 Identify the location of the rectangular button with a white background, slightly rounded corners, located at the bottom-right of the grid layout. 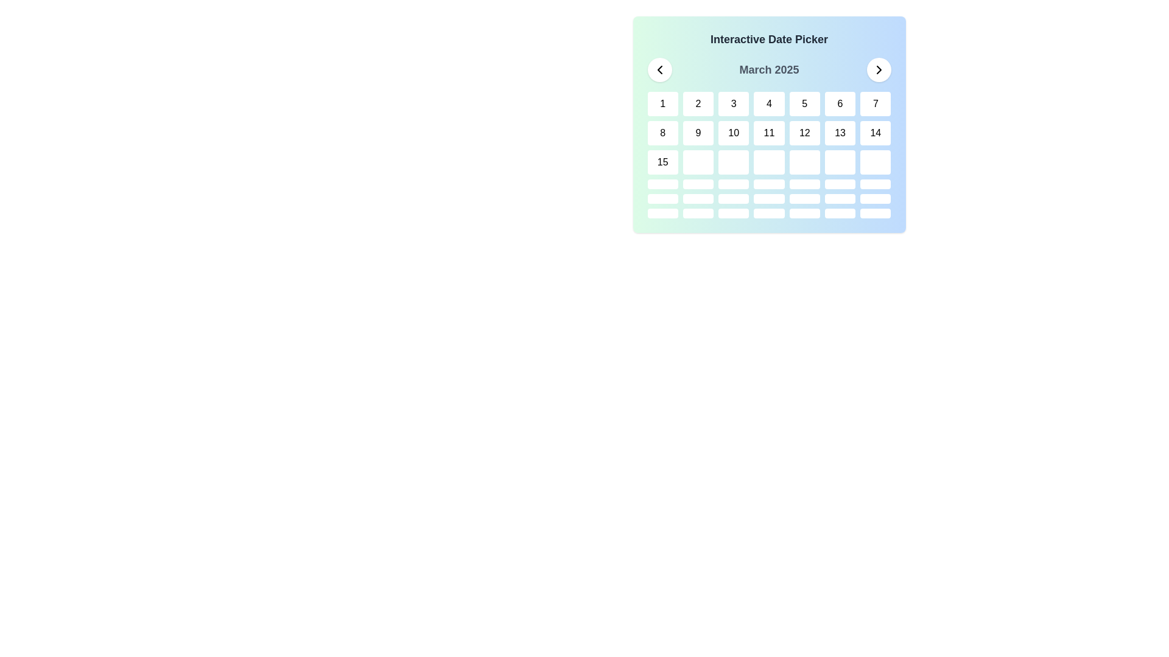
(875, 198).